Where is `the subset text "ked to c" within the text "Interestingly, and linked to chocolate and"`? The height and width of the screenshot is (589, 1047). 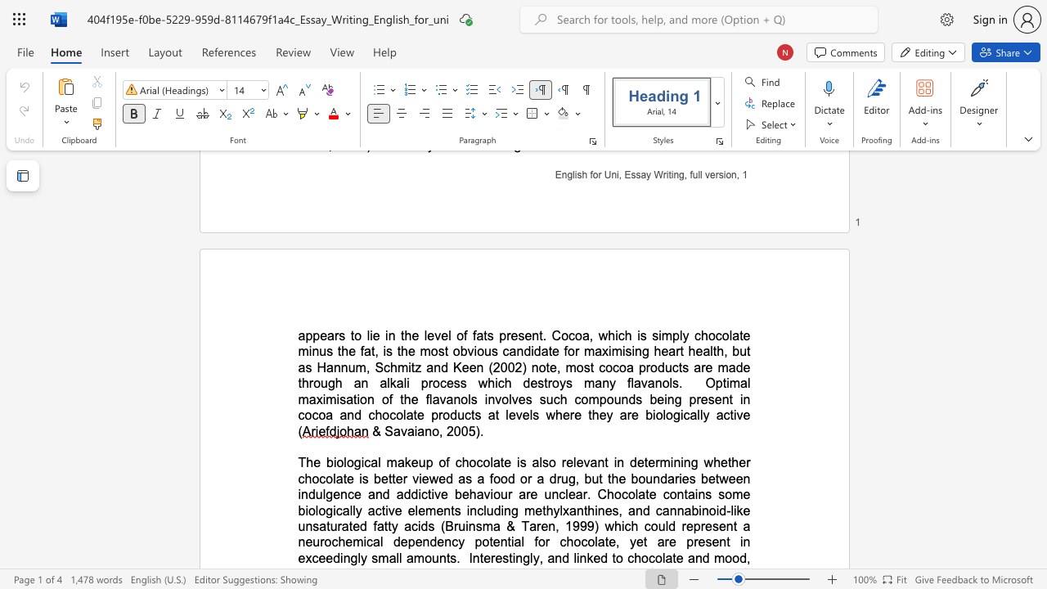 the subset text "ked to c" within the text "Interestingly, and linked to chocolate and" is located at coordinates (586, 557).